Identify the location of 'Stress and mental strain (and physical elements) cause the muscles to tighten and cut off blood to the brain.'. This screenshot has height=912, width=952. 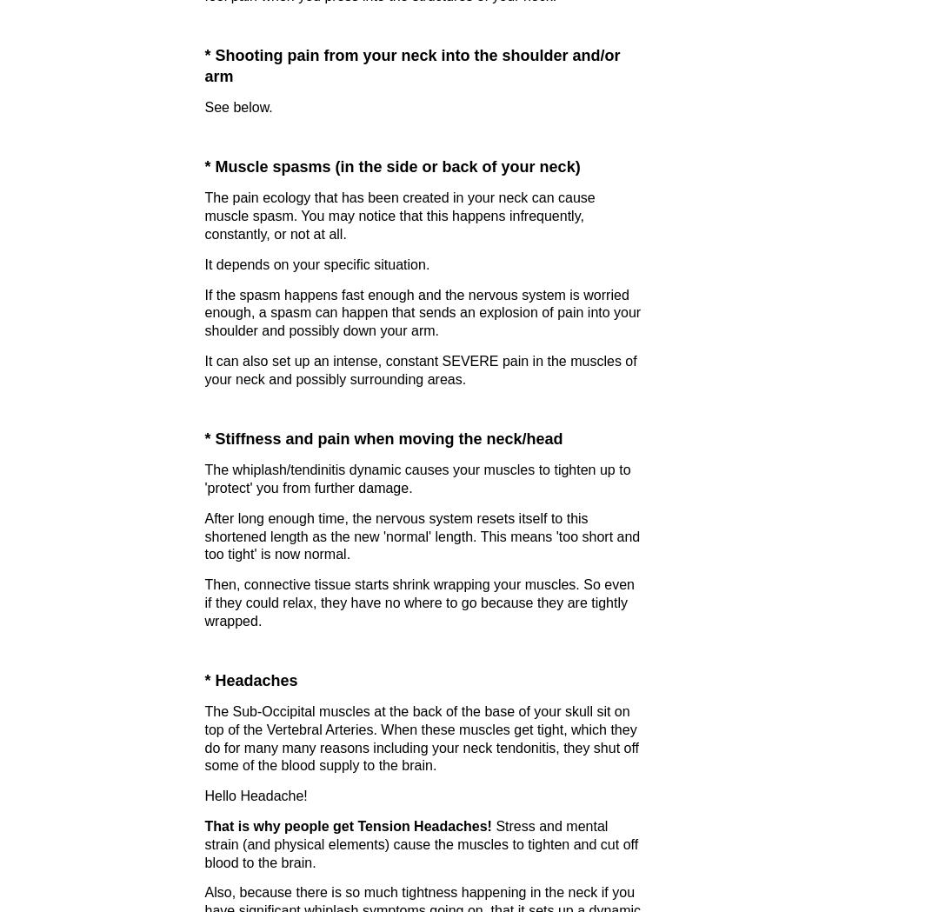
(420, 842).